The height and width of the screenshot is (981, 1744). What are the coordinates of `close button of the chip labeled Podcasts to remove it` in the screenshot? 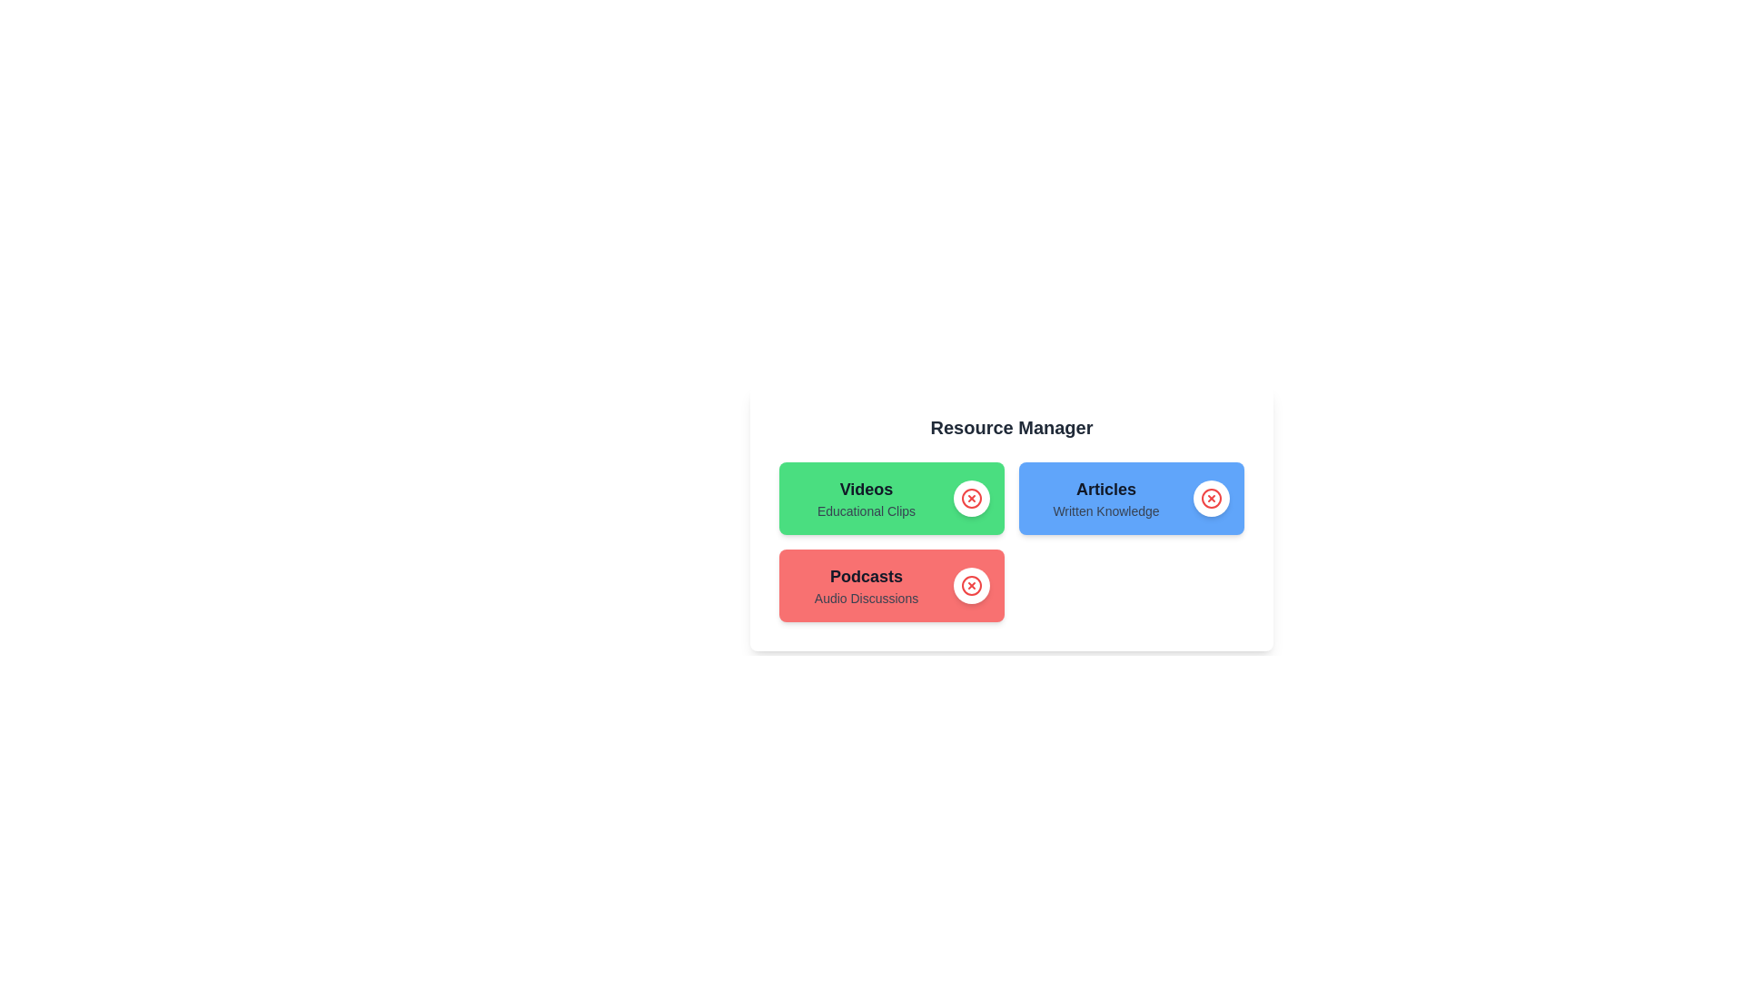 It's located at (971, 585).